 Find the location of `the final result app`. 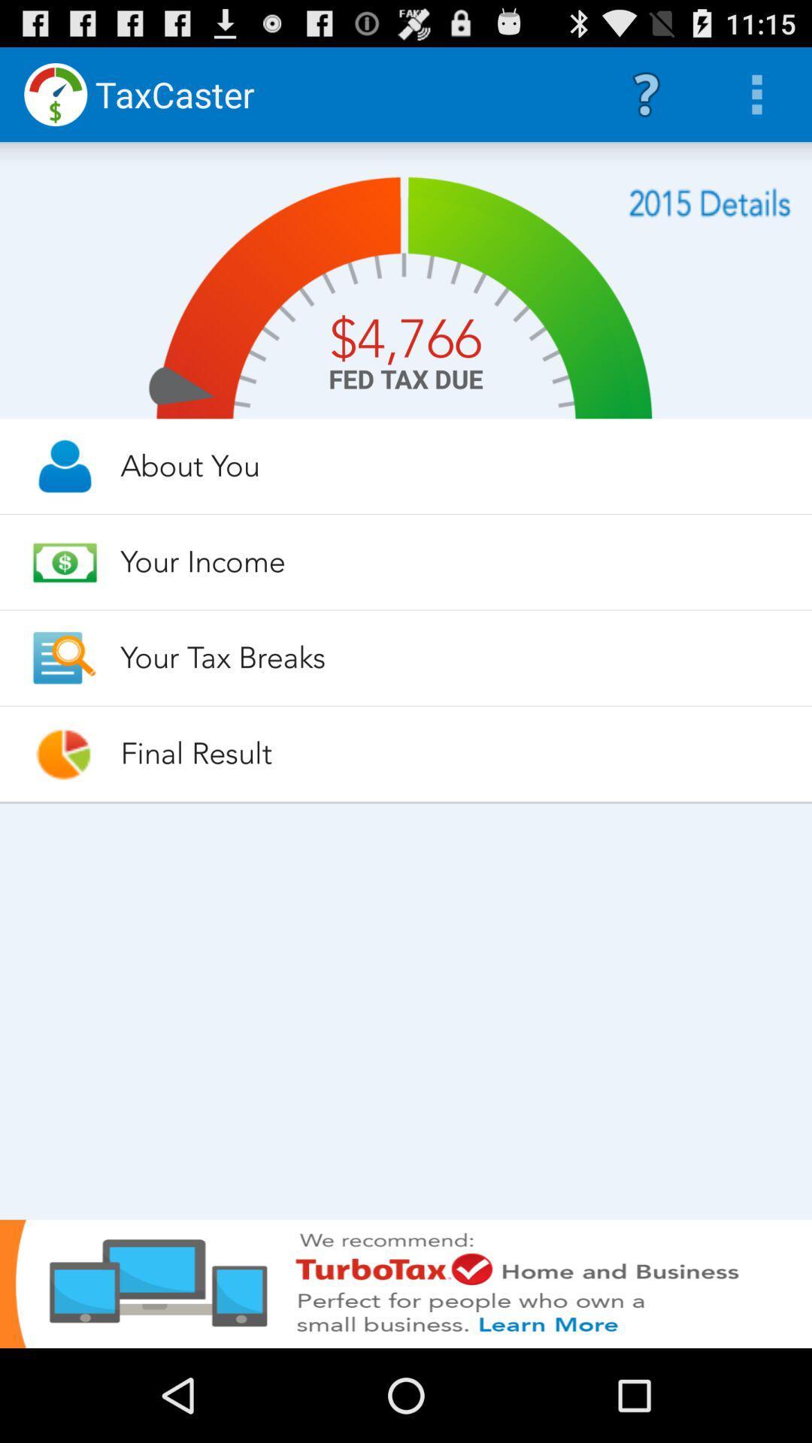

the final result app is located at coordinates (452, 753).